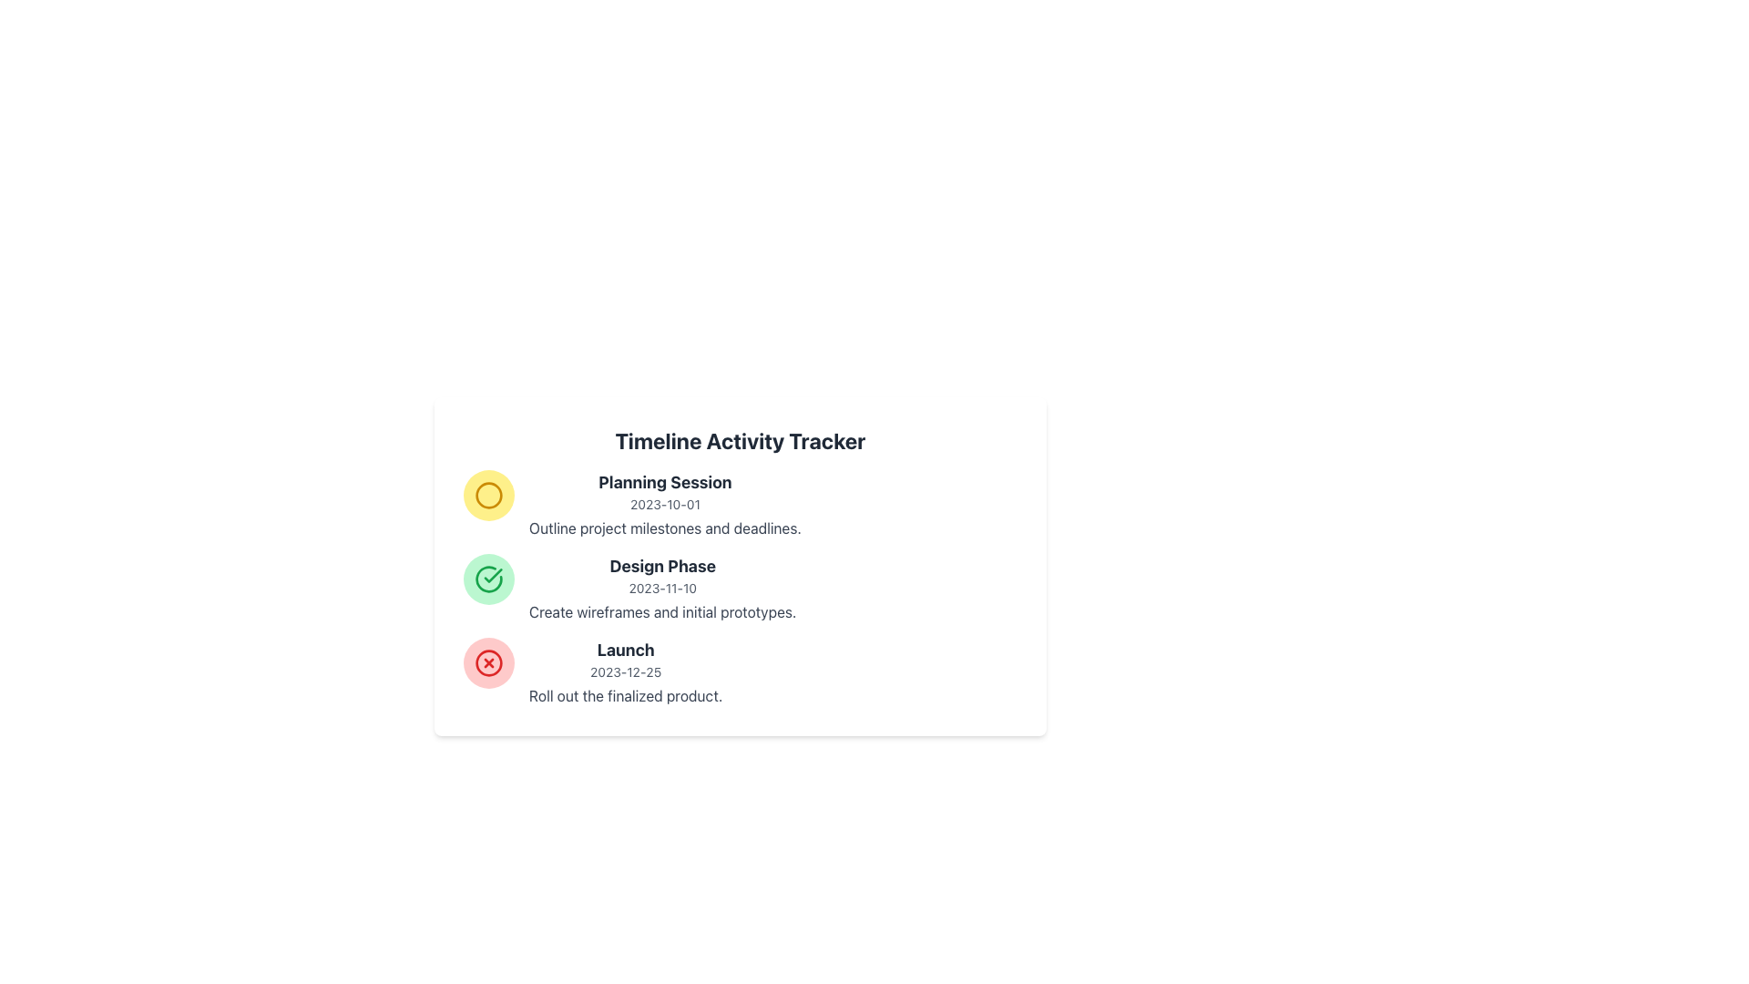 This screenshot has height=984, width=1749. Describe the element at coordinates (664, 528) in the screenshot. I see `the text content displaying information or instructions related to the 'Planning Session' phase within the timeline tracker, located below '2023-10-01' and 'Planning Session'` at that location.